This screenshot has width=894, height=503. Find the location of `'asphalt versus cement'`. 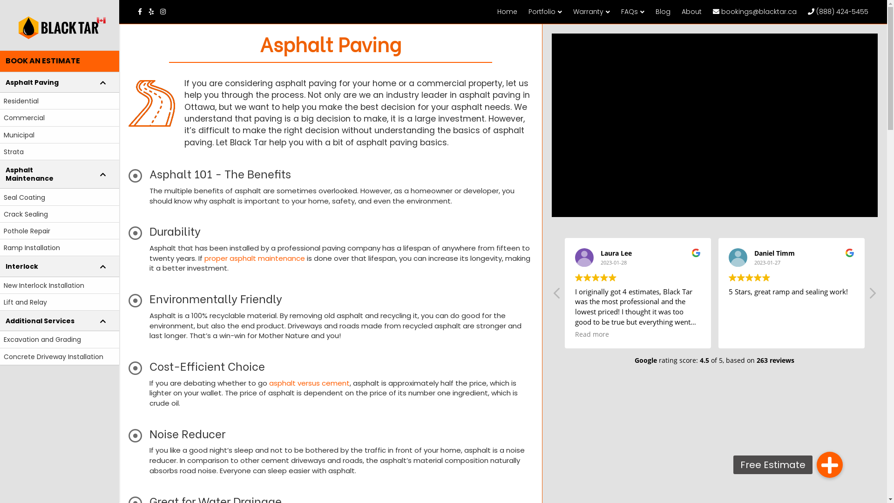

'asphalt versus cement' is located at coordinates (309, 383).